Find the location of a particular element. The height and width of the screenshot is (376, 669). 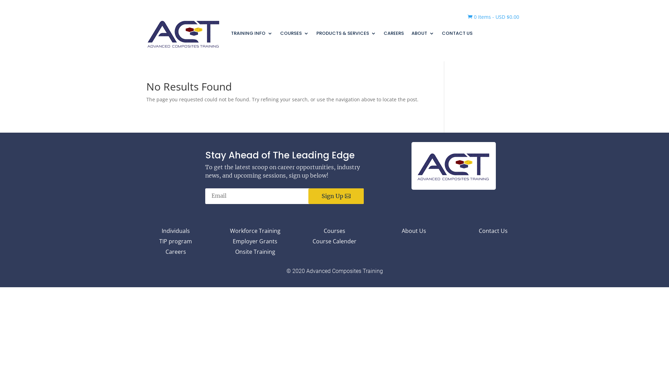

'PRODUCTS & SERVICES' is located at coordinates (346, 33).